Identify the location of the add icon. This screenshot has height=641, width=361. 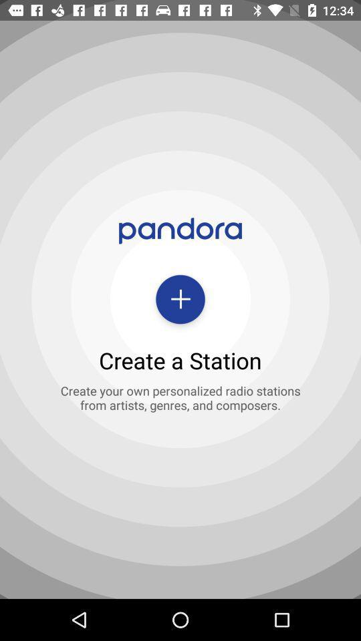
(180, 299).